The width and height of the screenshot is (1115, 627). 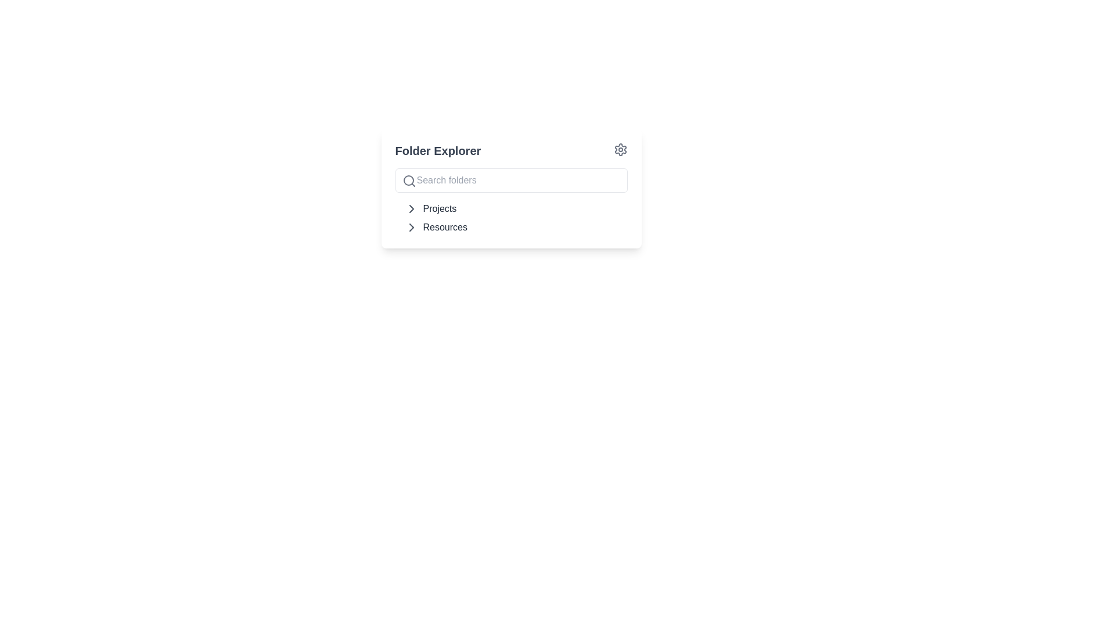 What do you see at coordinates (444, 228) in the screenshot?
I see `the 'Resources' text label, which is styled in dark gray and is located beneath the 'Projects' label in the folder navigation interface` at bounding box center [444, 228].